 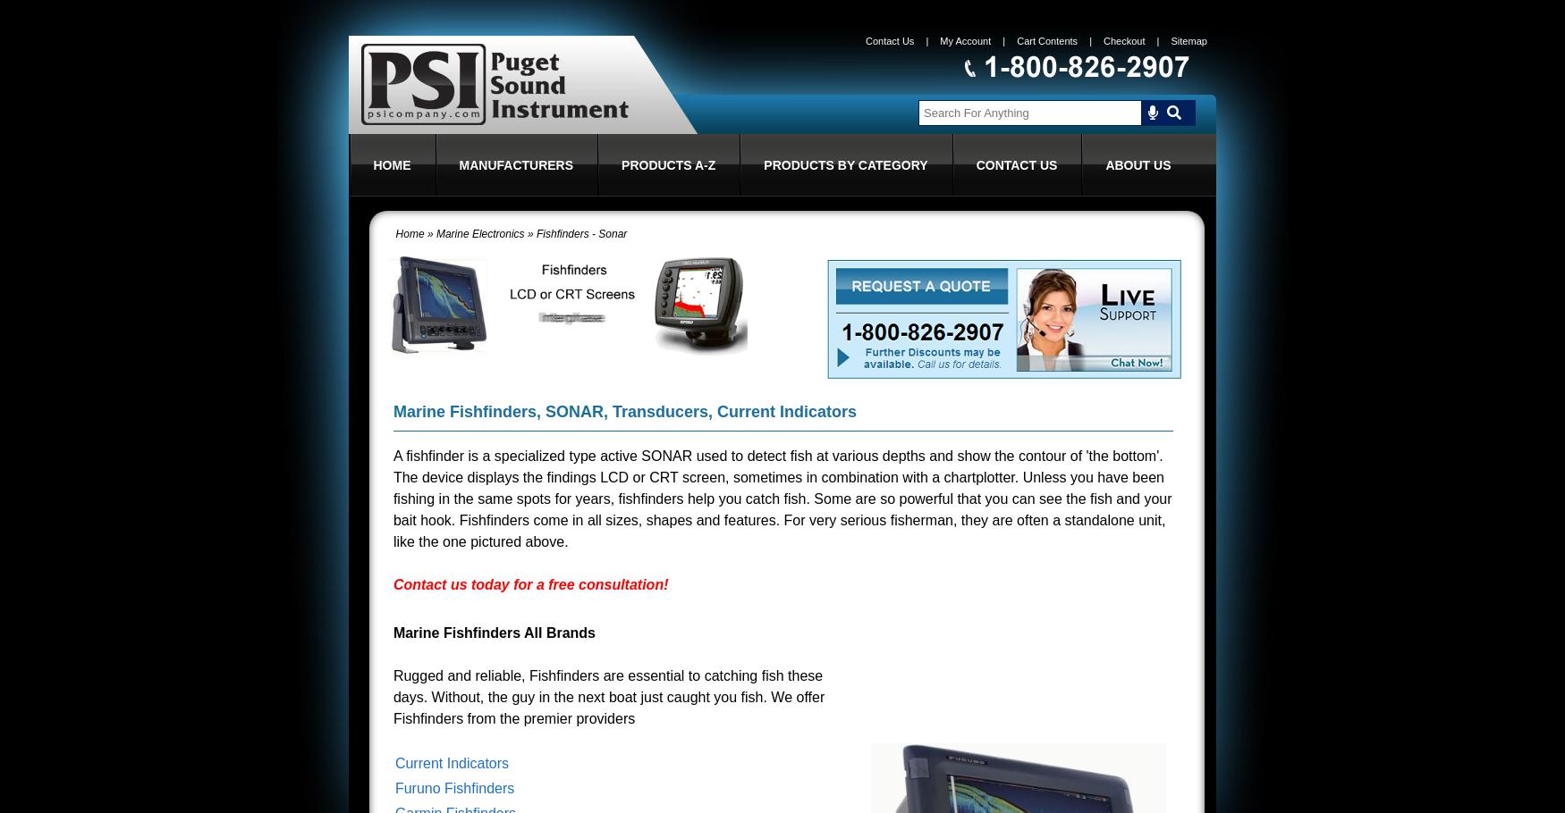 I want to click on 'Furuno
Fishfinders', so click(x=453, y=788).